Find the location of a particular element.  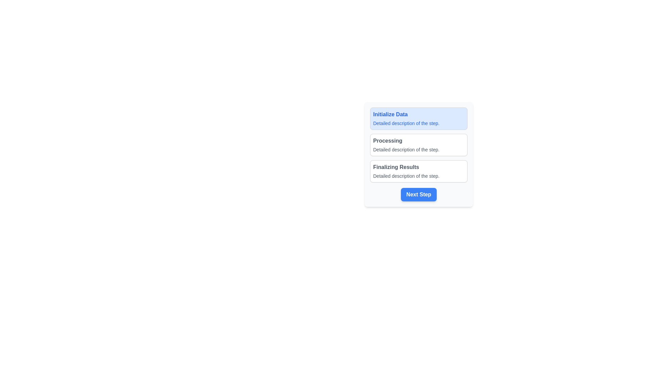

details from the 'Processing' Display Card, which is the second item in a vertical list of three display cards is located at coordinates (418, 144).